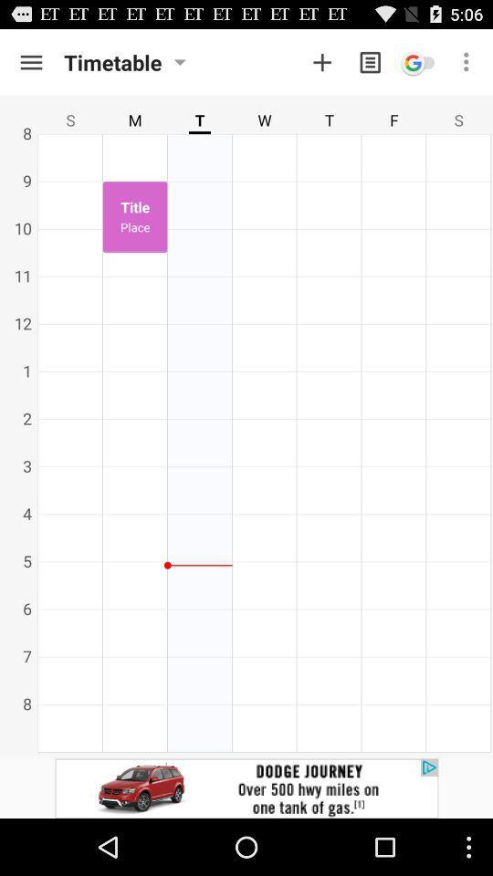 The image size is (493, 876). I want to click on the add icon, so click(321, 67).